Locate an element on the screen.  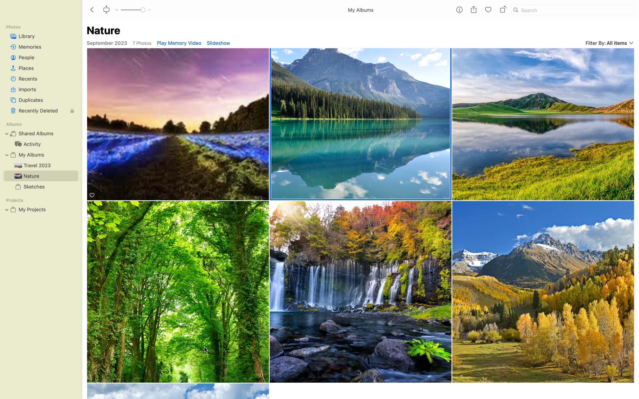
View the grasslands image in full size by double clicking it is located at coordinates (543, 292).